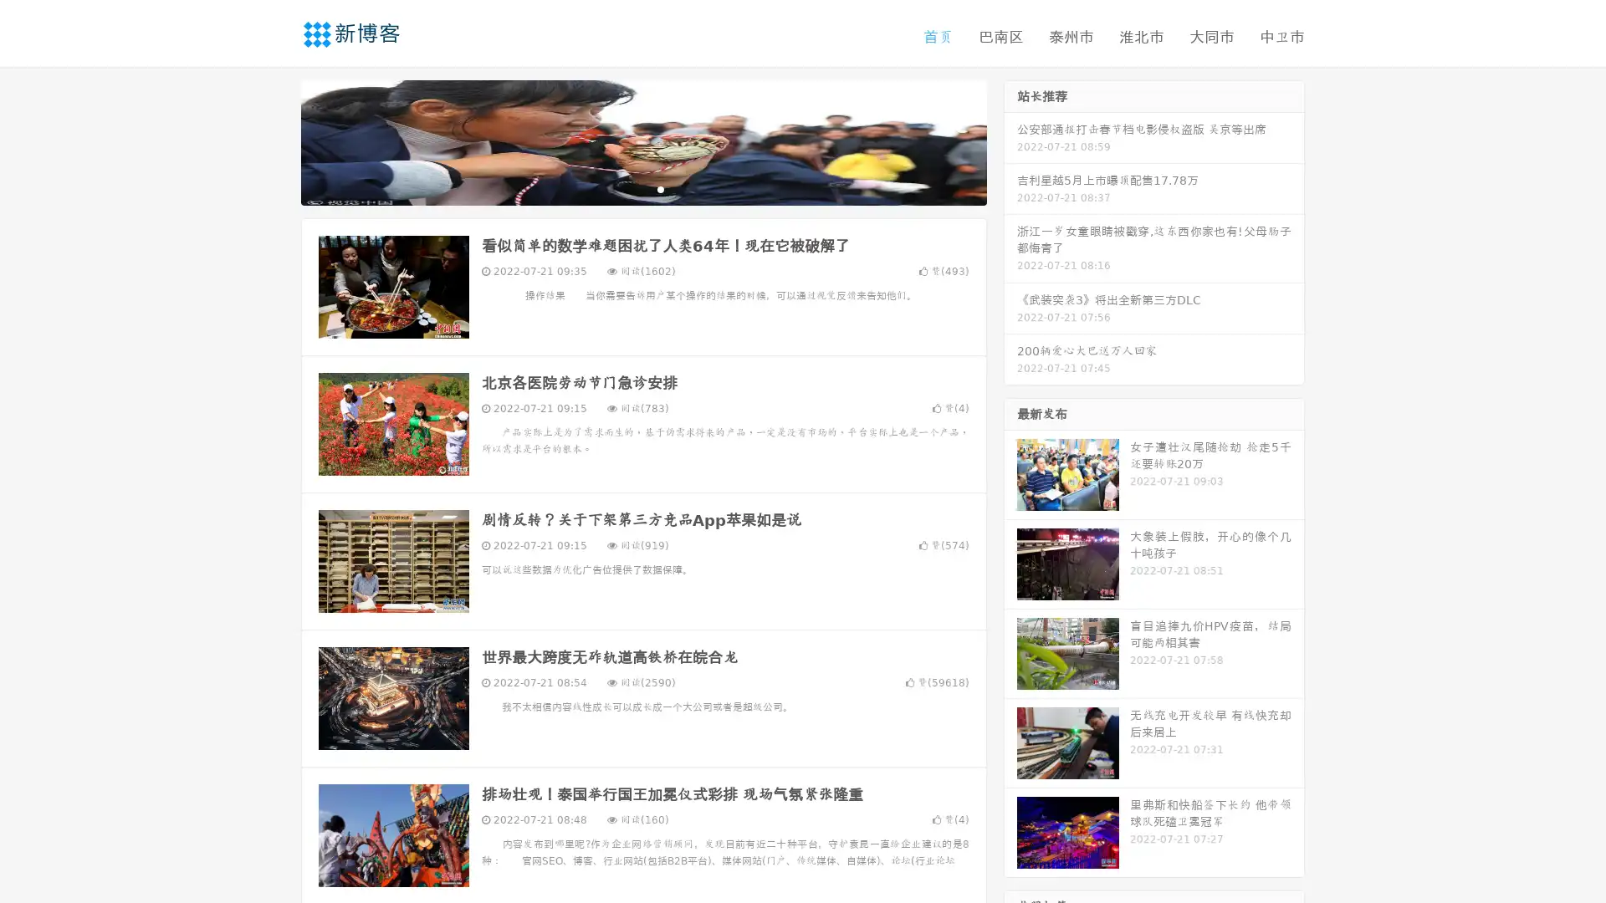  What do you see at coordinates (1010, 140) in the screenshot?
I see `Next slide` at bounding box center [1010, 140].